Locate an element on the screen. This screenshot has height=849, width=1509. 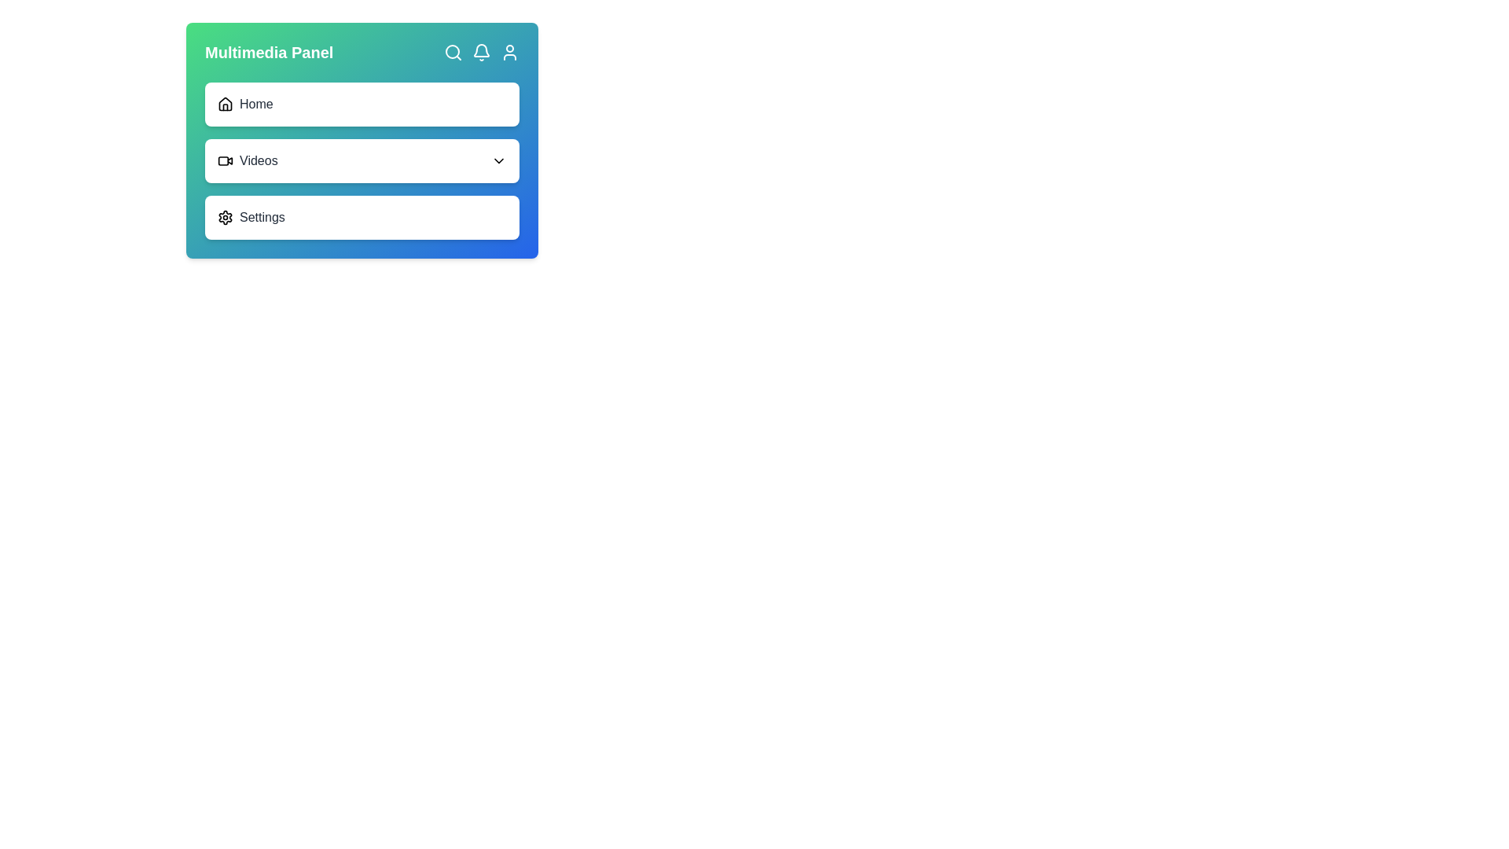
the 'Settings' icon located to the left of the text 'Settings' in the bottom section of the vertical menu is located at coordinates (225, 218).